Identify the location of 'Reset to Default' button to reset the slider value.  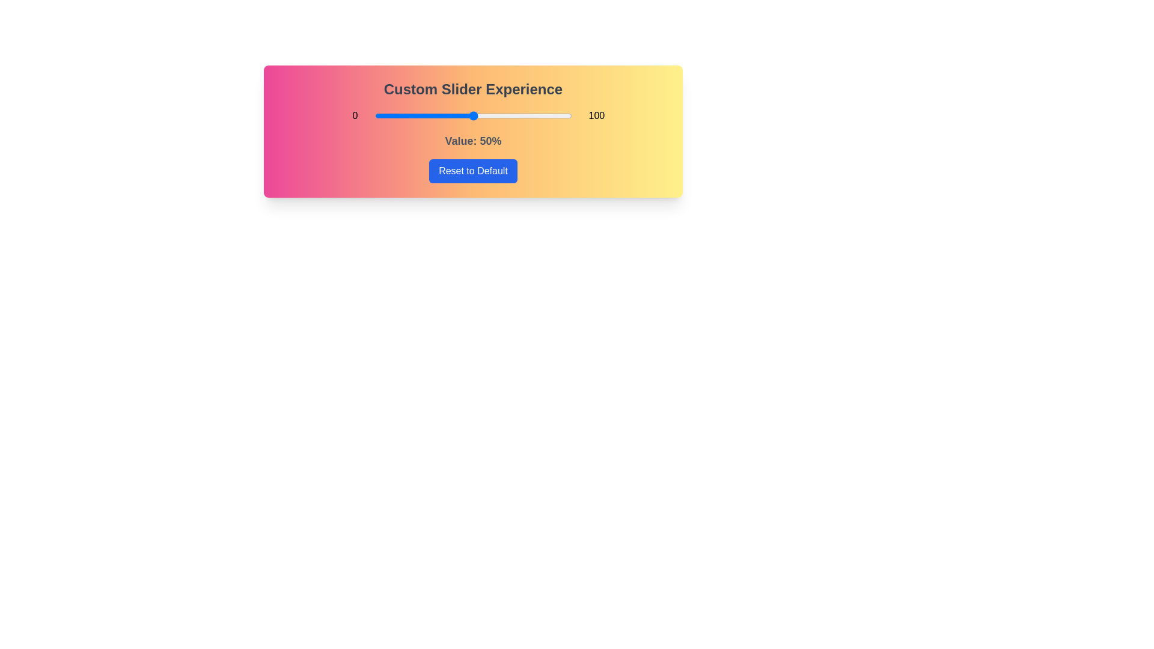
(472, 171).